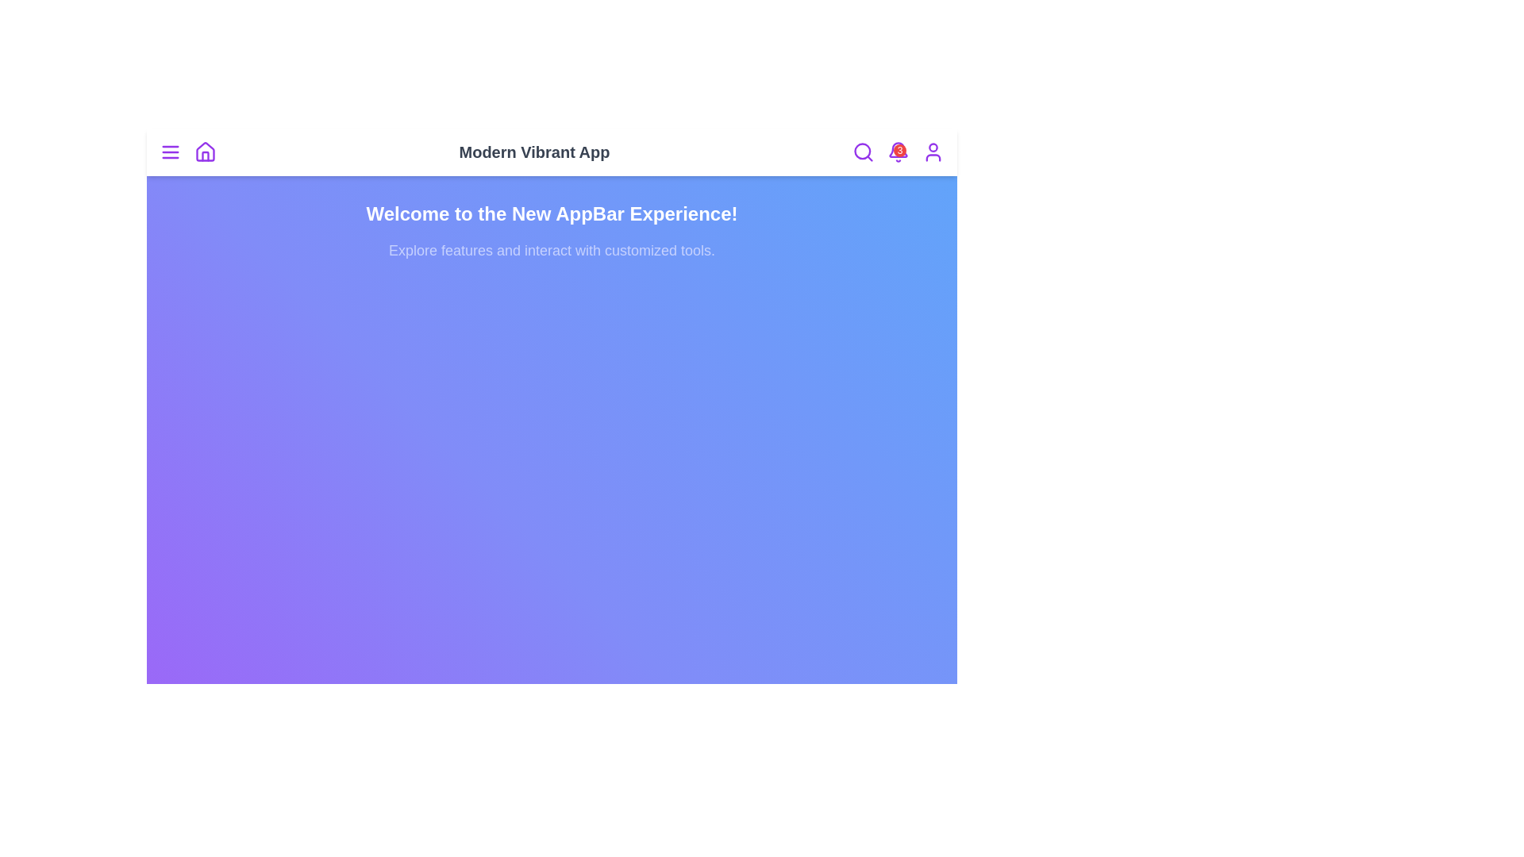  What do you see at coordinates (933, 152) in the screenshot?
I see `the user icon to access the user profile` at bounding box center [933, 152].